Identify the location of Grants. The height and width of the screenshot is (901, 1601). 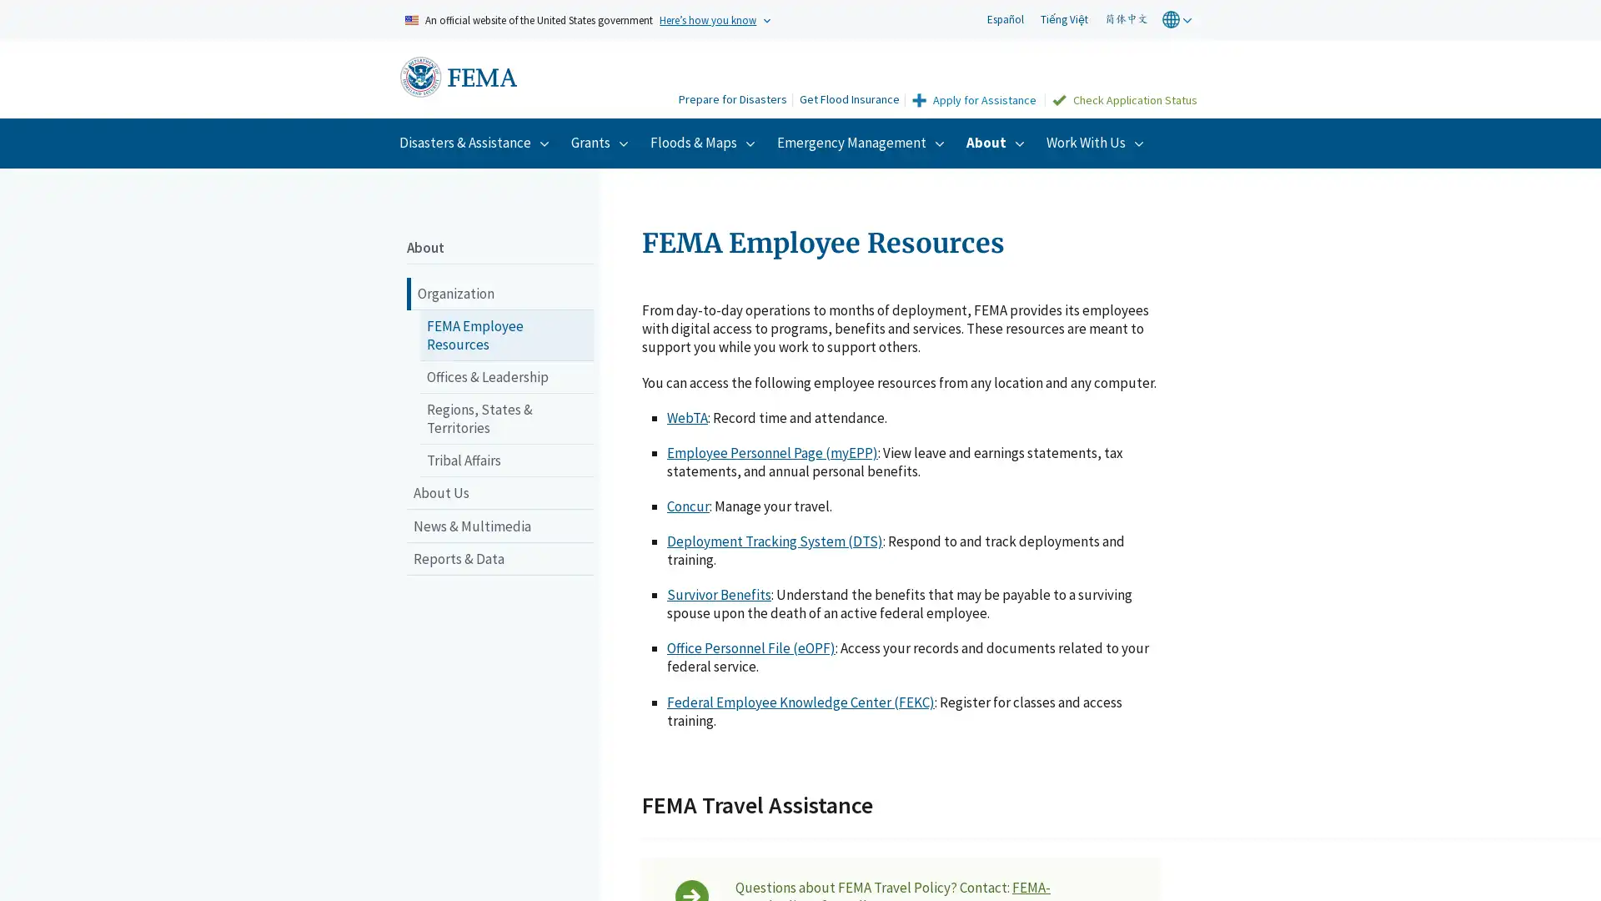
(601, 141).